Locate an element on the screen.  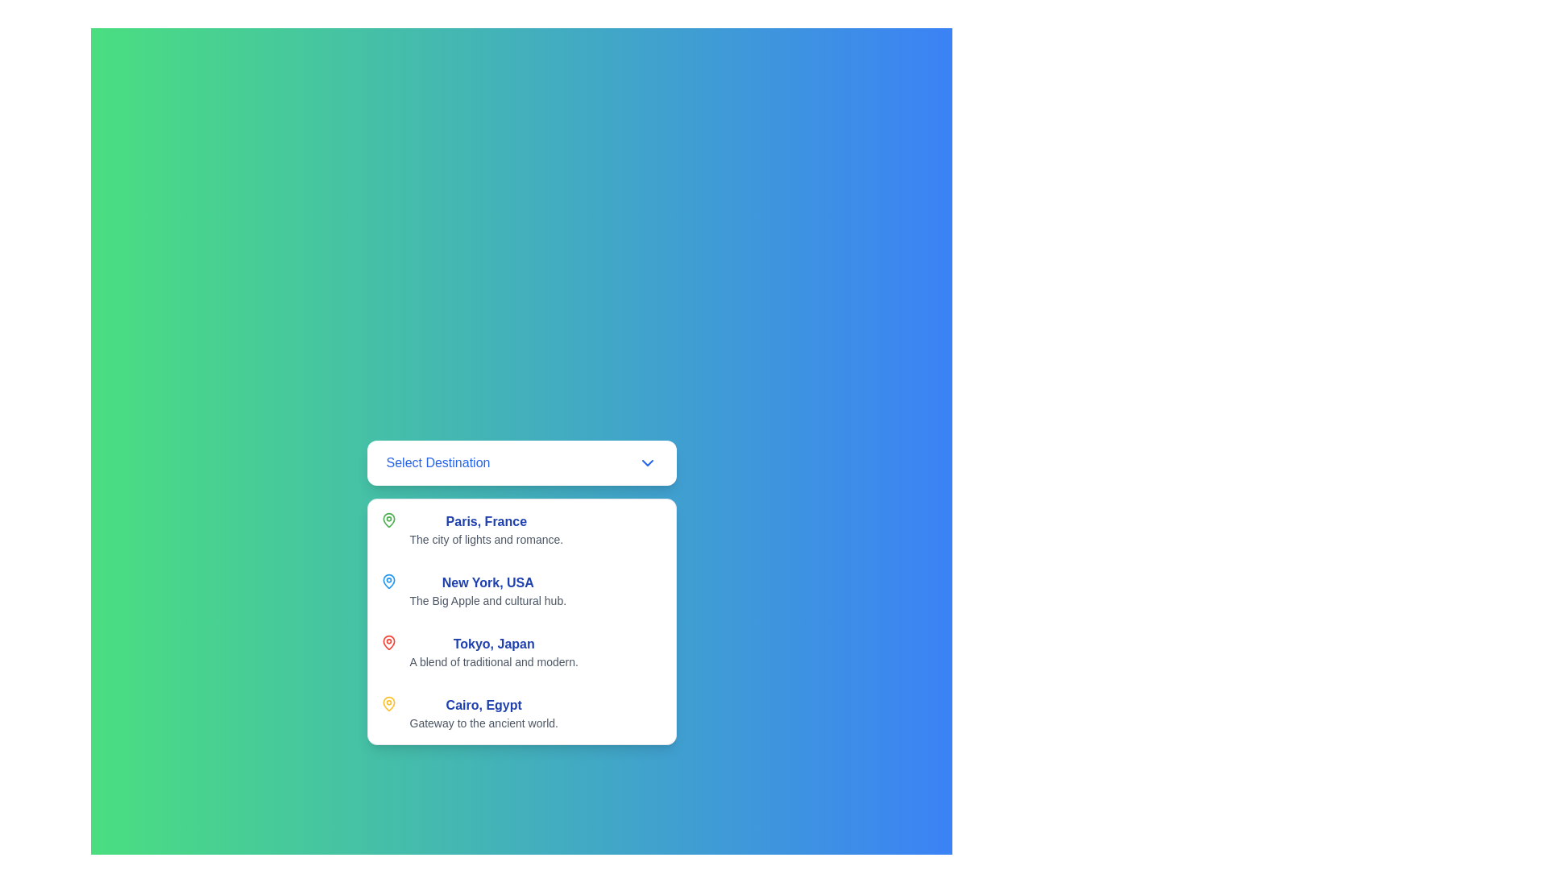
the text label indicating the destination 'Paris, France', located at the top of the first card in the dropdown list of destinations is located at coordinates (485, 522).